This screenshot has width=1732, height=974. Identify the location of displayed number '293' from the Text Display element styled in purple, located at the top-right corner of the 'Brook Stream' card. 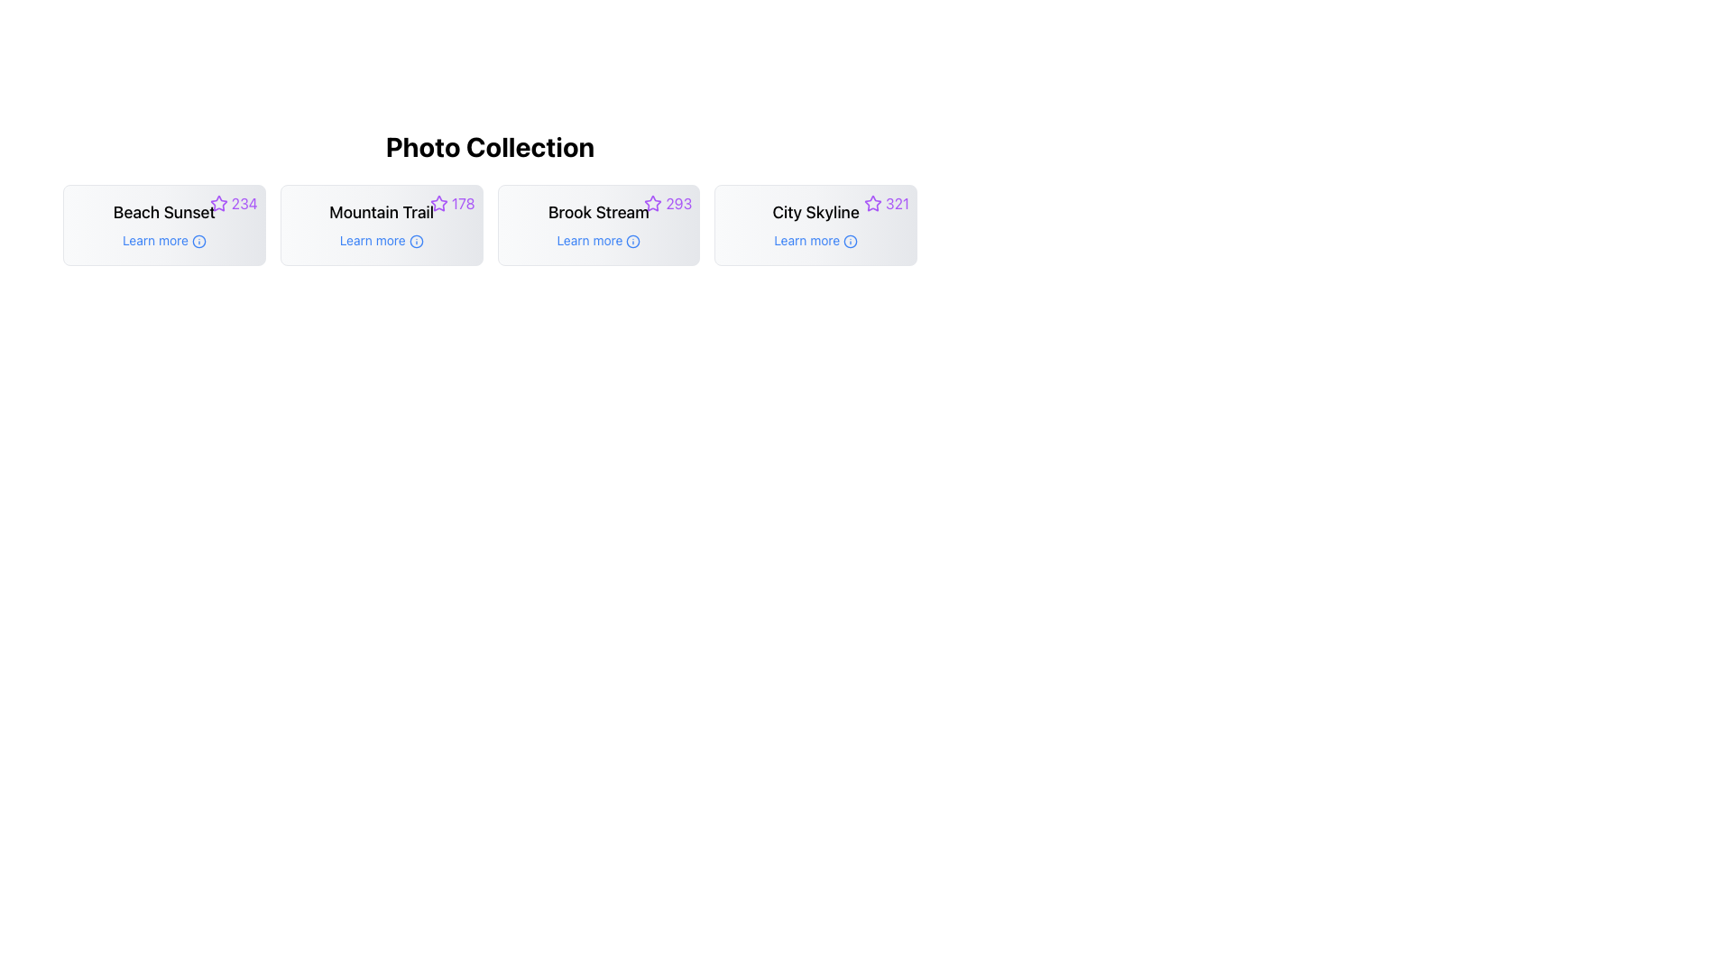
(677, 203).